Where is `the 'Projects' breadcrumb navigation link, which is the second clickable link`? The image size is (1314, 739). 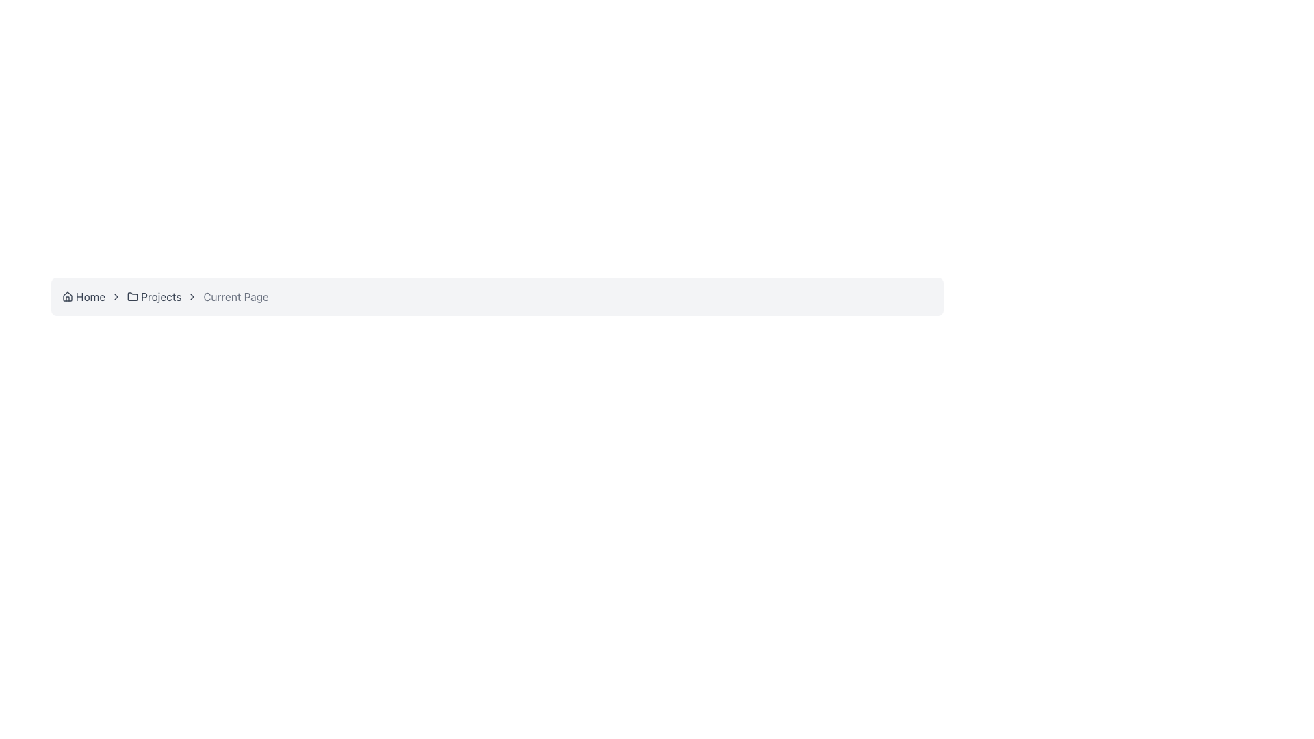
the 'Projects' breadcrumb navigation link, which is the second clickable link is located at coordinates (154, 296).